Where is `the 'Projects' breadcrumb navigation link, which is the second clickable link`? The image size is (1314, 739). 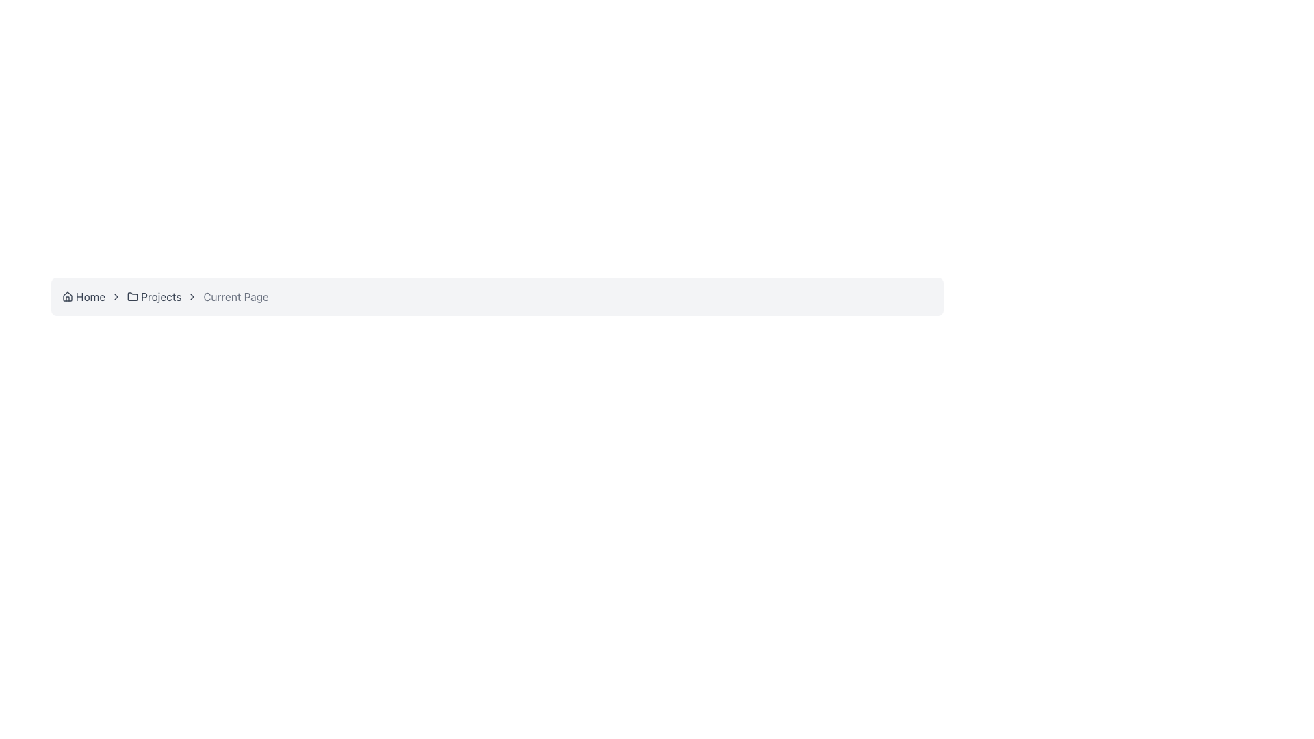
the 'Projects' breadcrumb navigation link, which is the second clickable link is located at coordinates (154, 296).